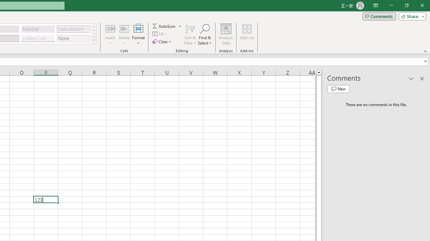  I want to click on 'Delete', so click(124, 34).